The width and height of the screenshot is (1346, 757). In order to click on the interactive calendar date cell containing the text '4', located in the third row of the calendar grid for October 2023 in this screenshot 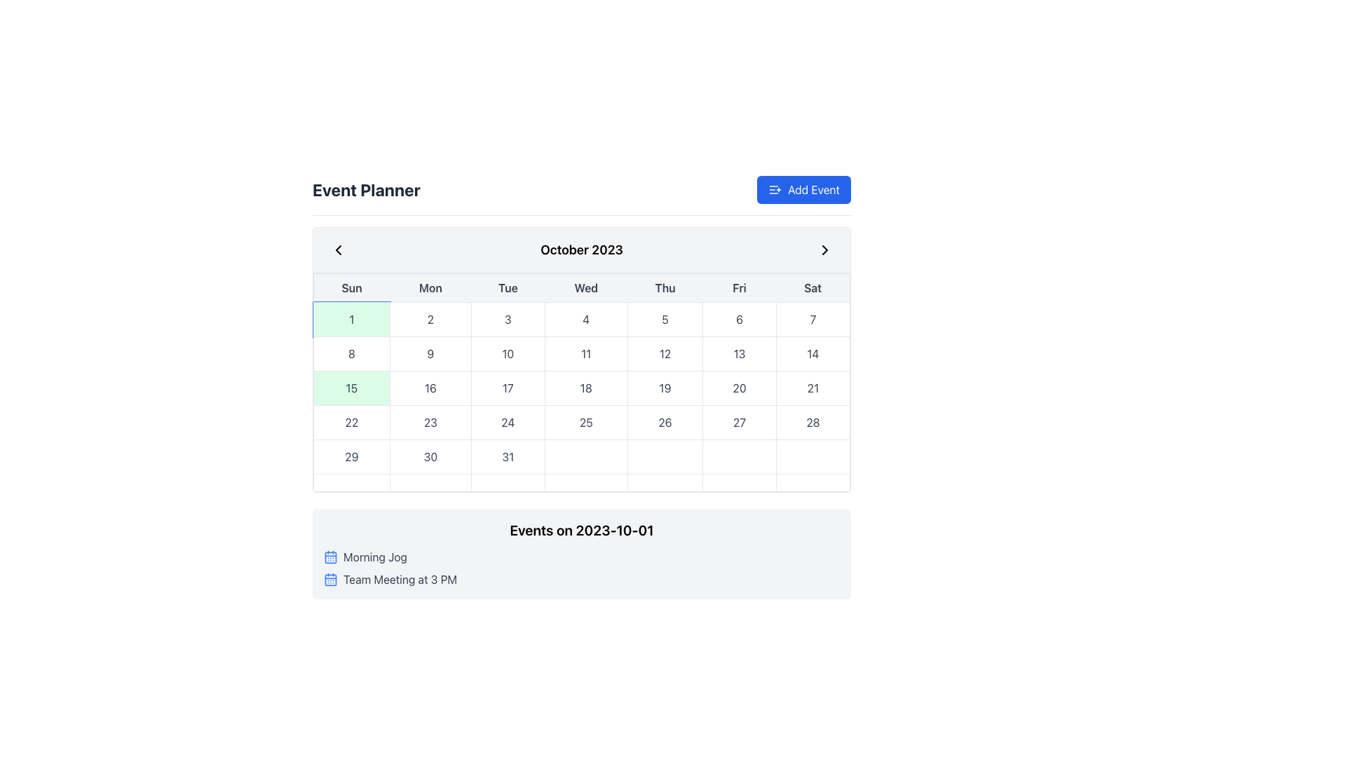, I will do `click(586, 319)`.